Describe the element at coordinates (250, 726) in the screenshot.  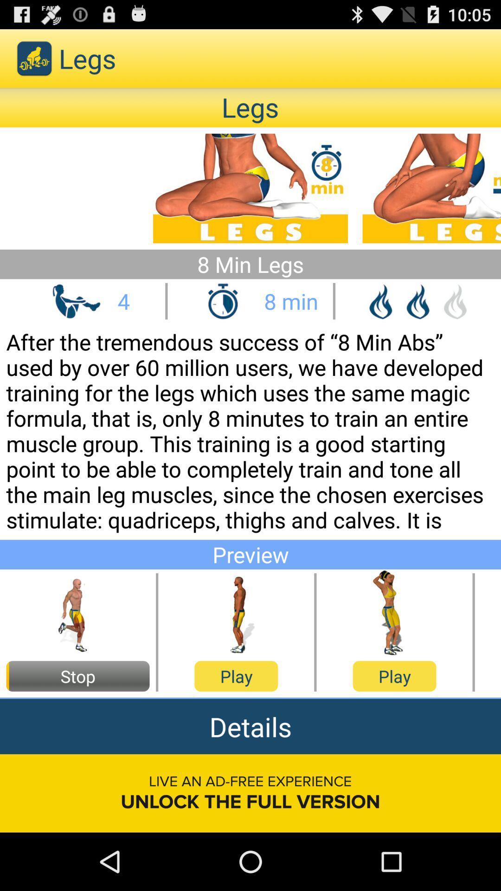
I see `the details` at that location.